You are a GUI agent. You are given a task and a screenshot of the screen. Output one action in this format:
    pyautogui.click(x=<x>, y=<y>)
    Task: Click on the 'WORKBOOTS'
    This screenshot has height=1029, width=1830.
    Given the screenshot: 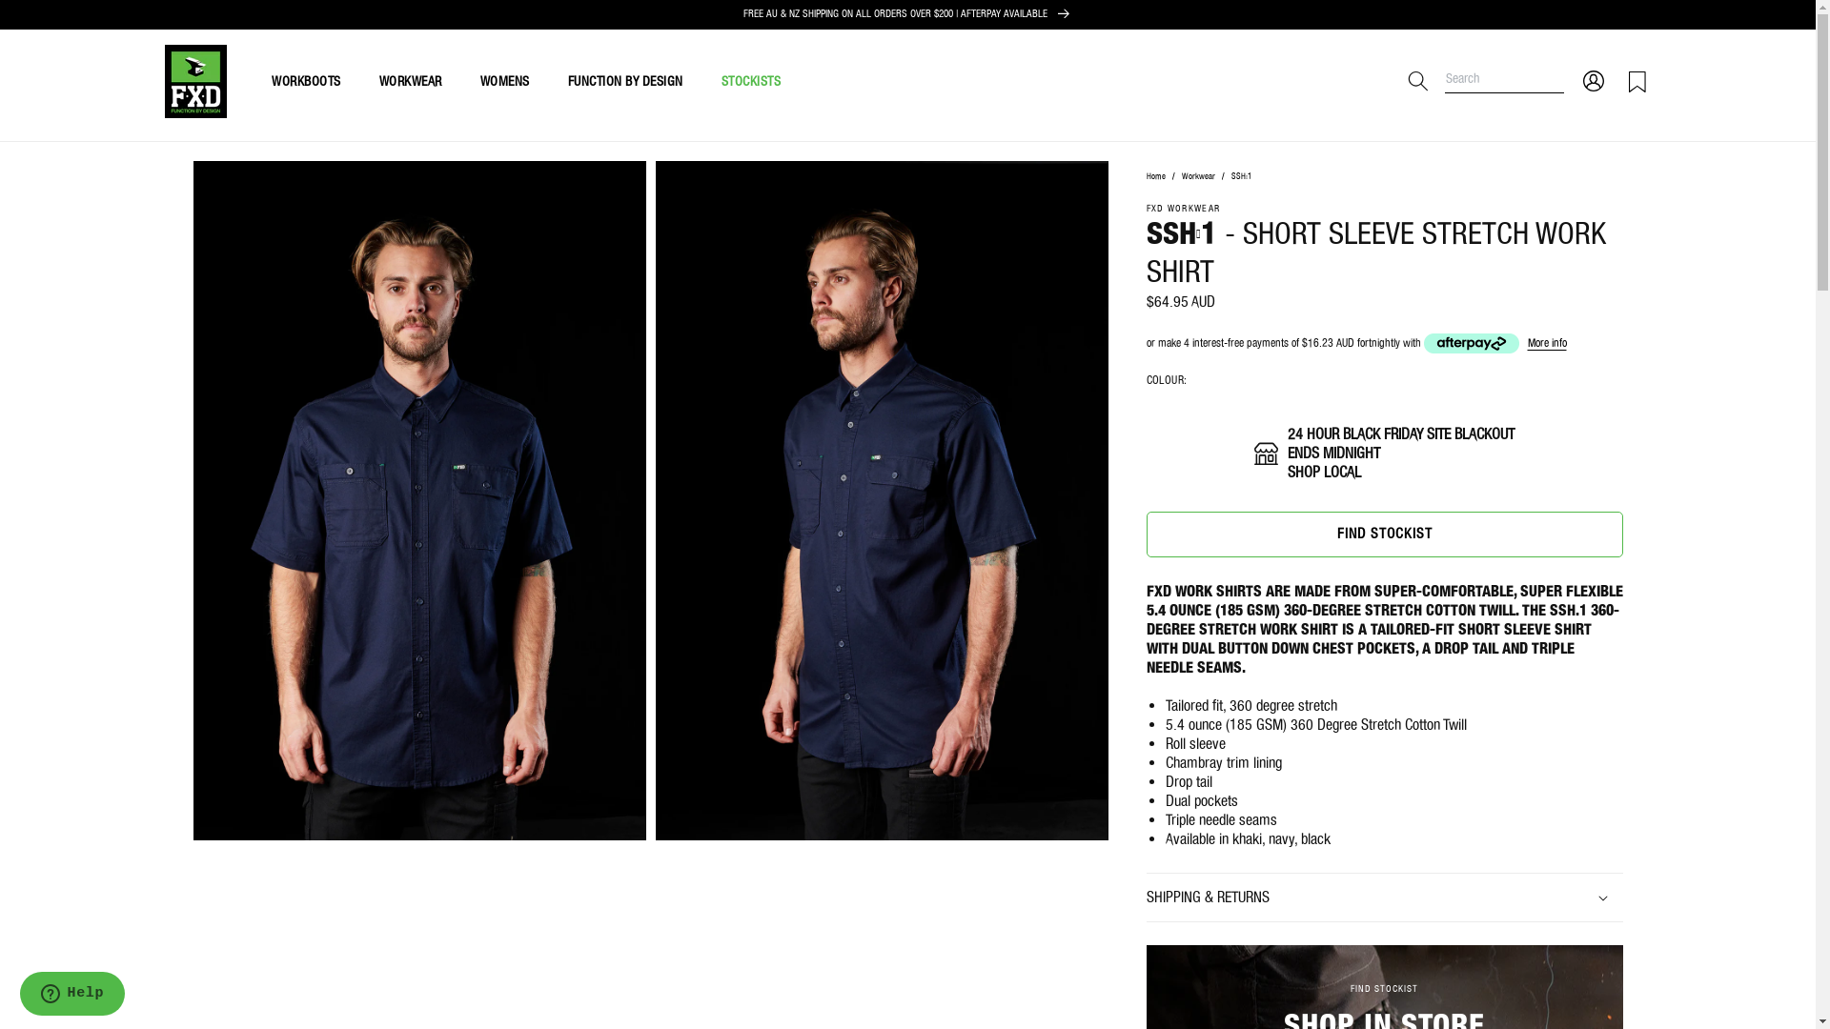 What is the action you would take?
    pyautogui.click(x=306, y=80)
    